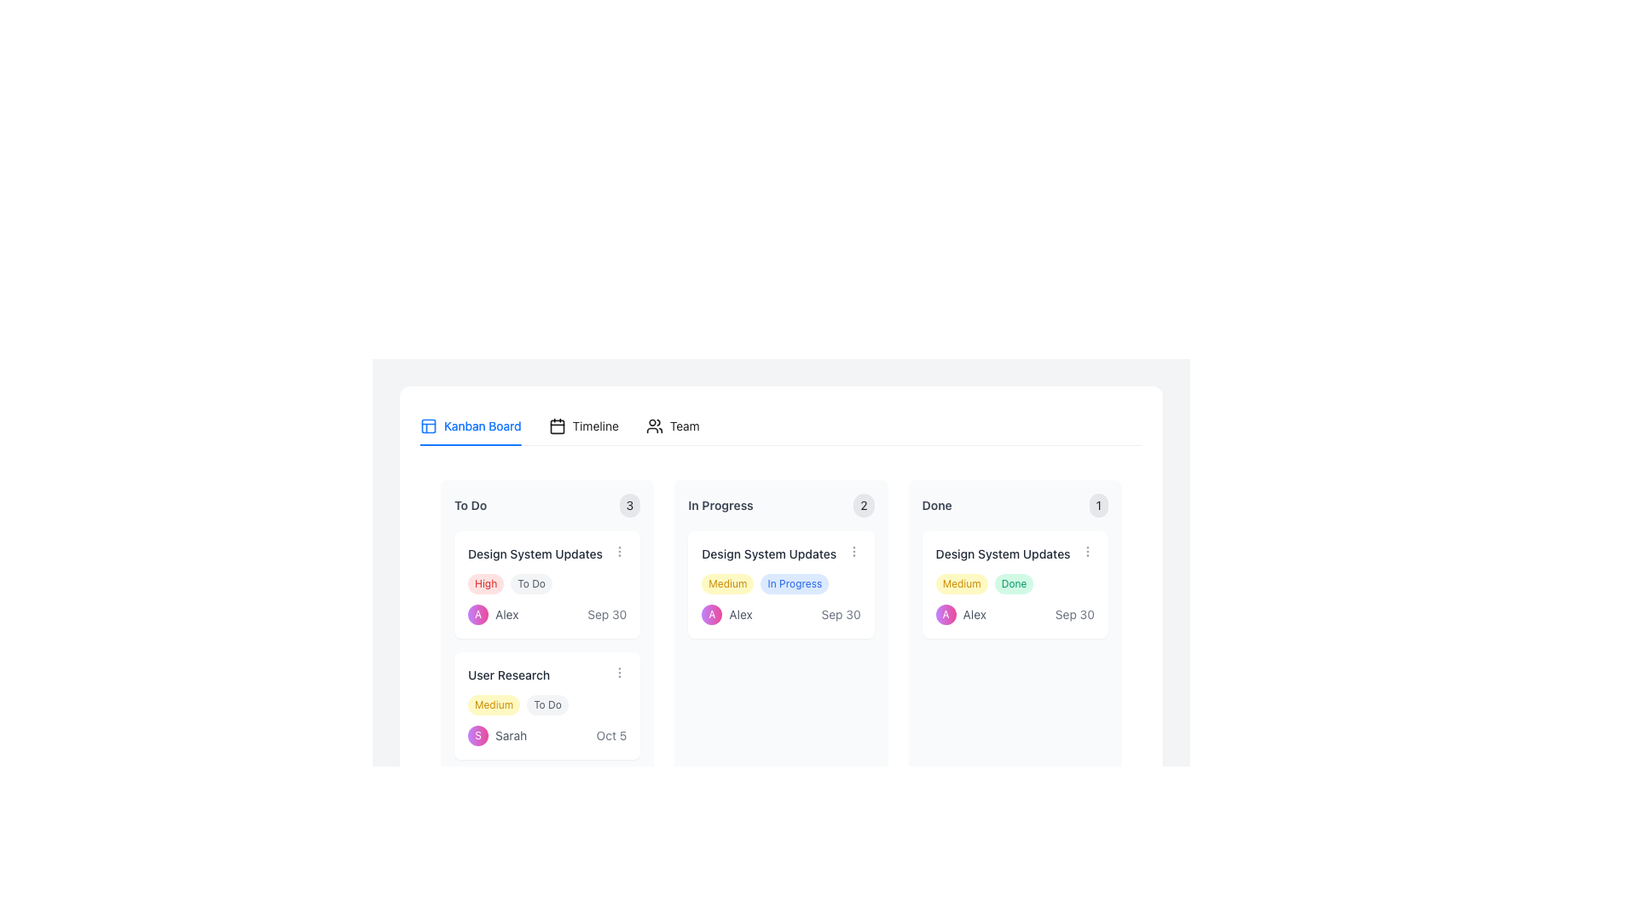  I want to click on the User identifier with a circular gradient avatar displaying the letter 'A' and text labeled 'Alex' in the 'Done' column of the Kanban board, specifically within the 'Design System Updates' card, so click(961, 615).